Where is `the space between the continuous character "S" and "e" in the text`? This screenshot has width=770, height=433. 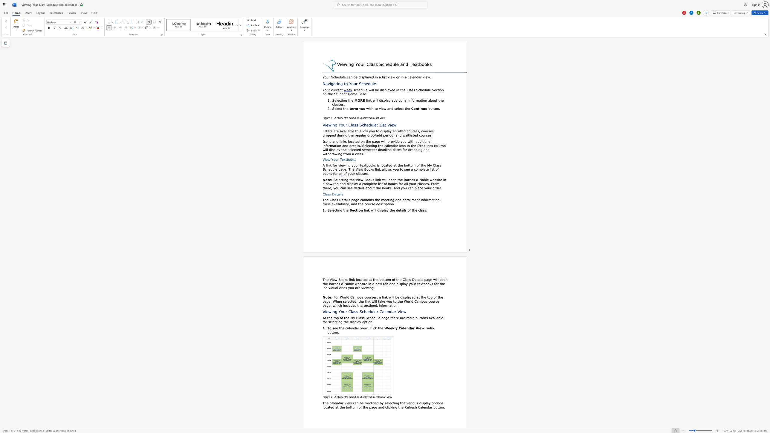
the space between the continuous character "S" and "e" in the text is located at coordinates (329, 210).